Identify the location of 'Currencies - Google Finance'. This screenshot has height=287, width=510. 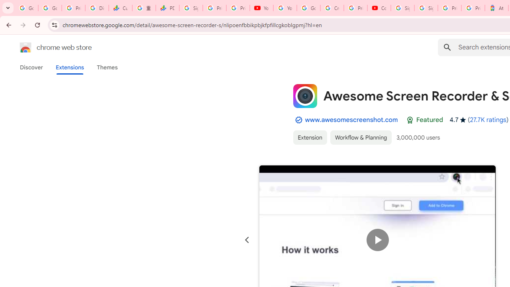
(120, 8).